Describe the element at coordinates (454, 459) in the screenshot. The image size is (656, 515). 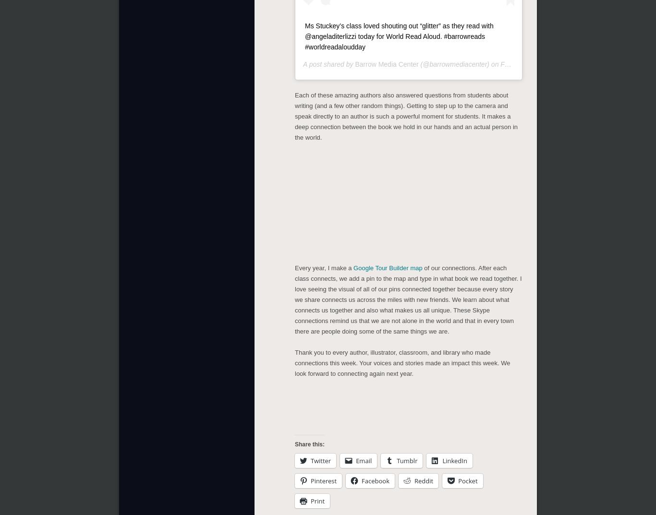
I see `'LinkedIn'` at that location.